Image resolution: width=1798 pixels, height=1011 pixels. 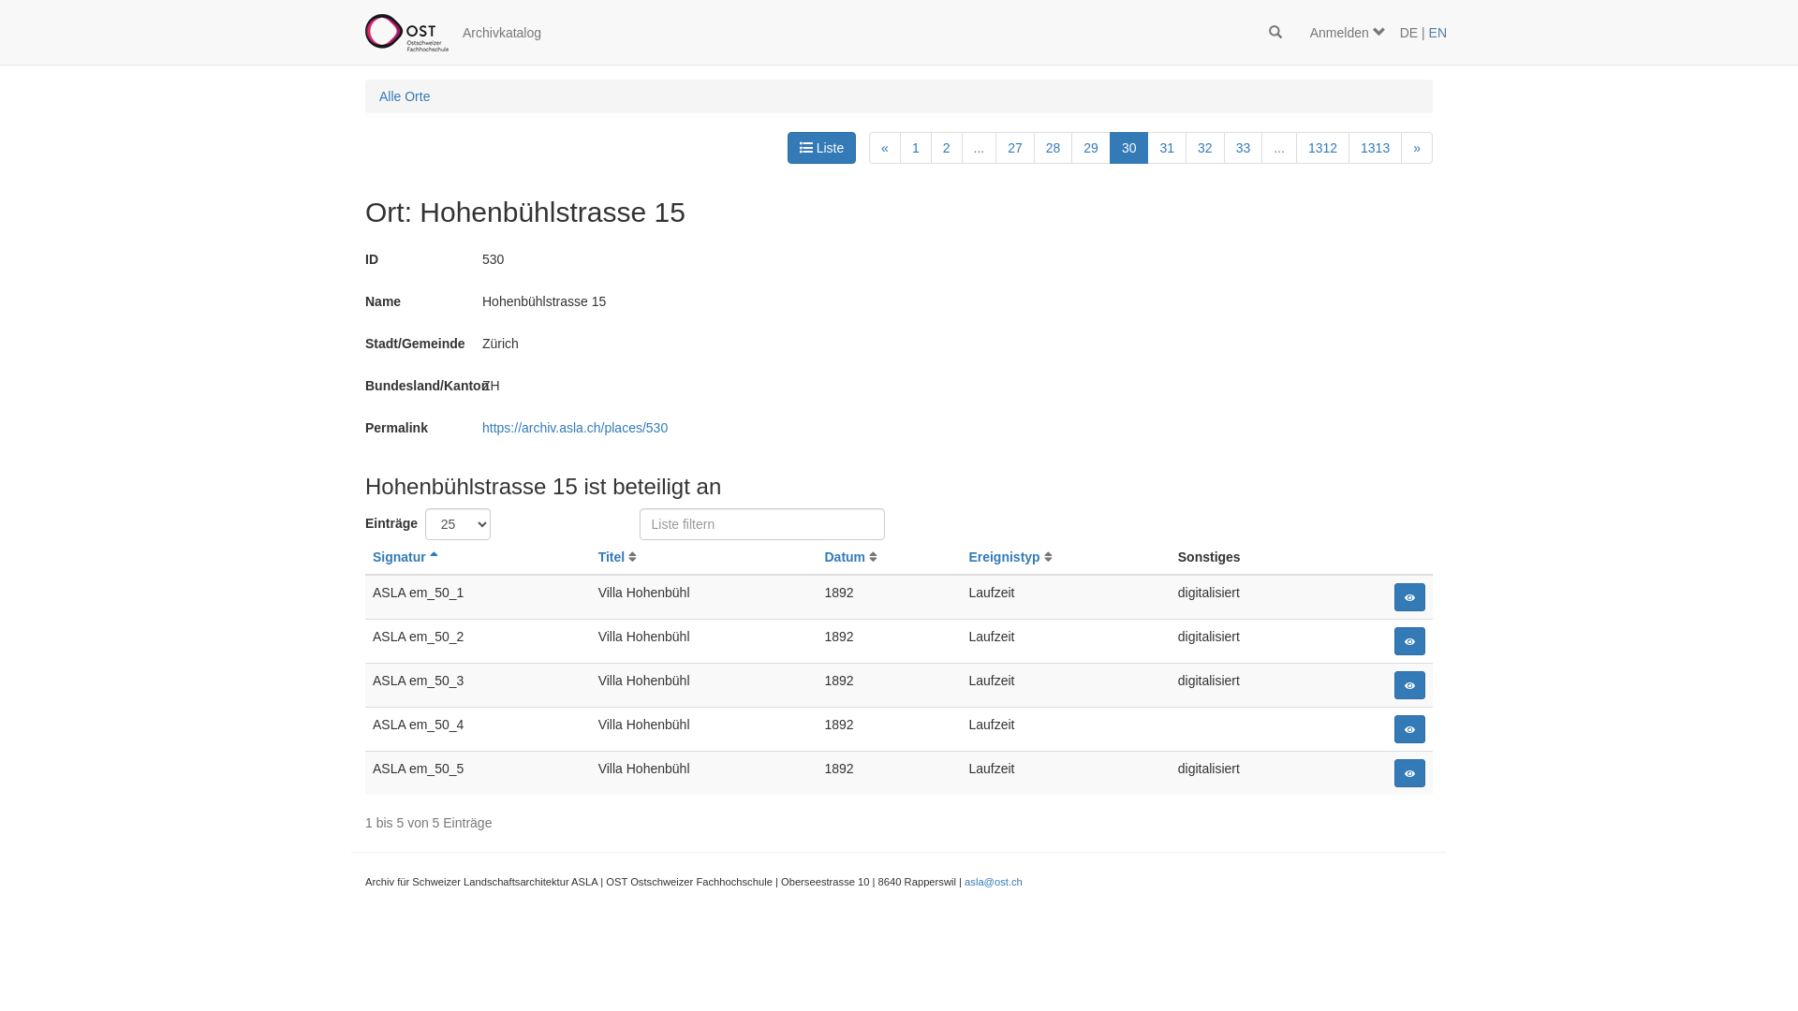 What do you see at coordinates (1204, 147) in the screenshot?
I see `'32'` at bounding box center [1204, 147].